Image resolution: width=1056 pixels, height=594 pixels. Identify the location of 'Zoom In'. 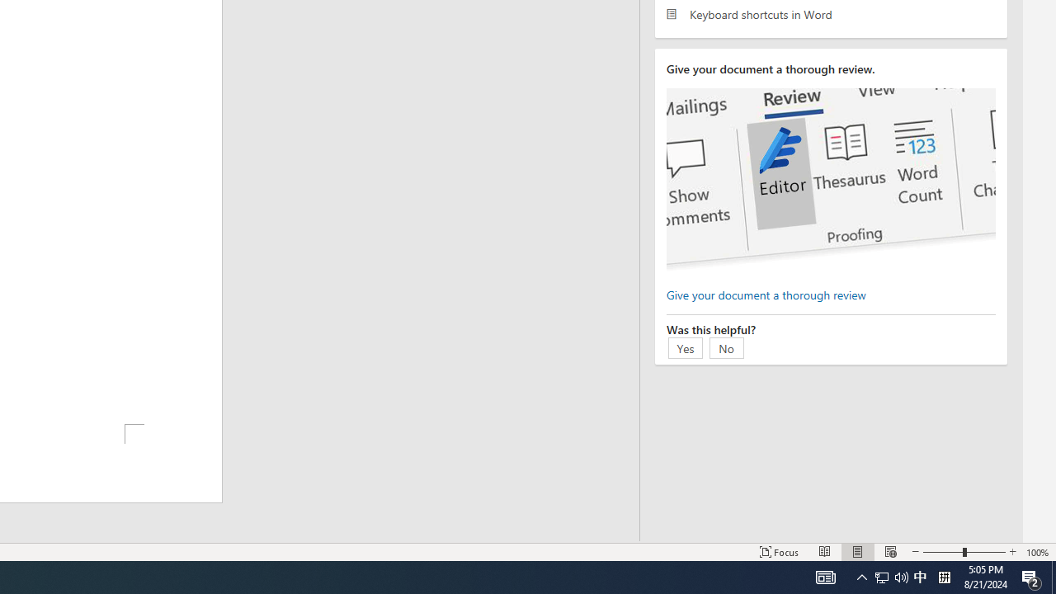
(1011, 552).